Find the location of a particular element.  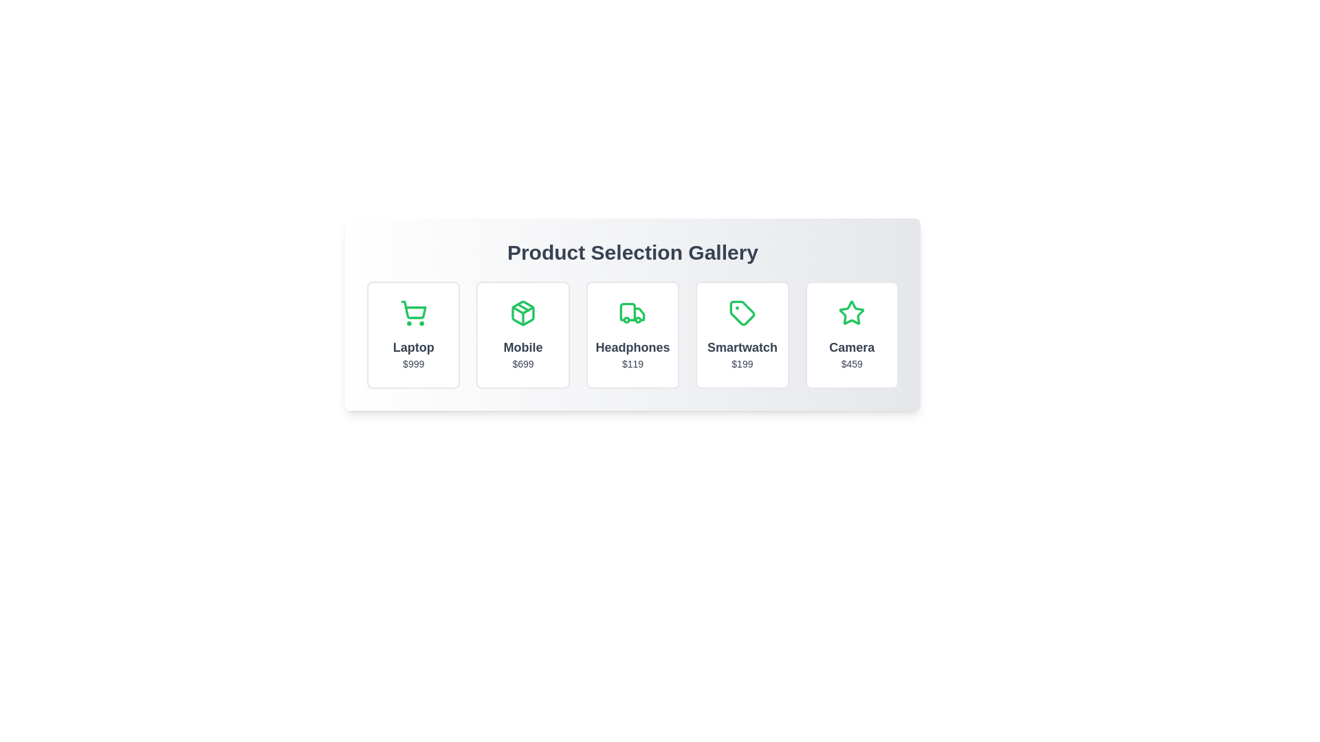

the 'Smartwatch' product card icon, which is a tag symbol located at the top-center area of the card is located at coordinates (741, 313).